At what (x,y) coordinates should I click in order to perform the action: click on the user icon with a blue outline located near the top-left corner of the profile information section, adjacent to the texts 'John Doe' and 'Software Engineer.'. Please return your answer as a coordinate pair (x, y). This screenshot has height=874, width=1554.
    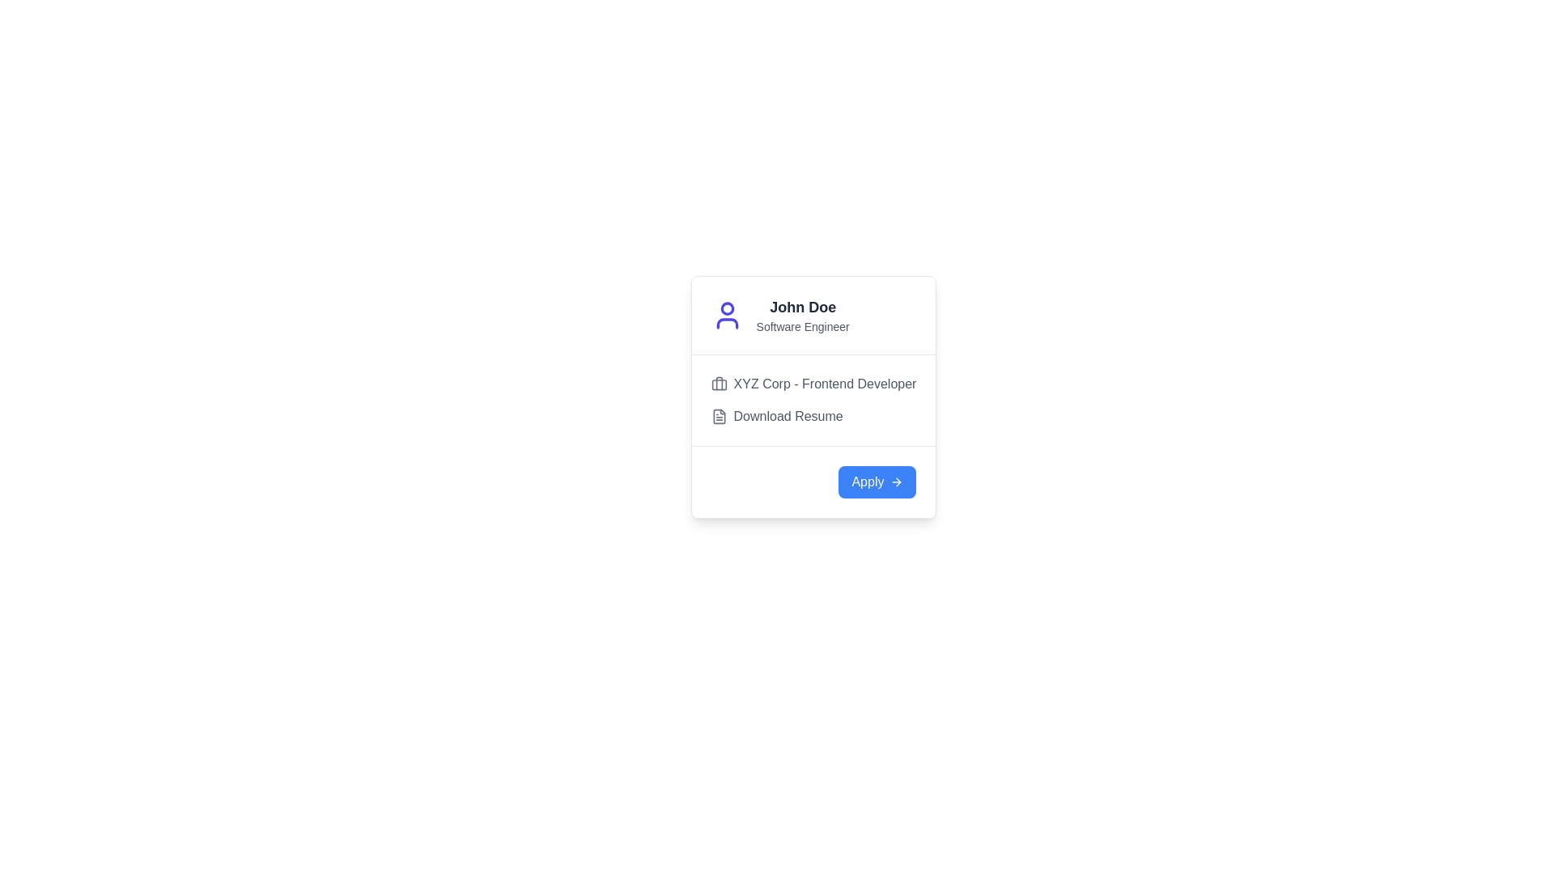
    Looking at the image, I should click on (726, 315).